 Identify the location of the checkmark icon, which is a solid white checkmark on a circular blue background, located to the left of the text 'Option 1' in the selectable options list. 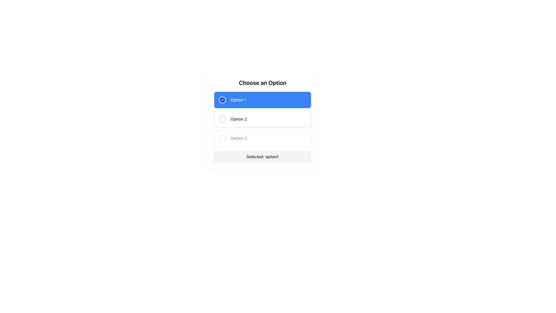
(222, 99).